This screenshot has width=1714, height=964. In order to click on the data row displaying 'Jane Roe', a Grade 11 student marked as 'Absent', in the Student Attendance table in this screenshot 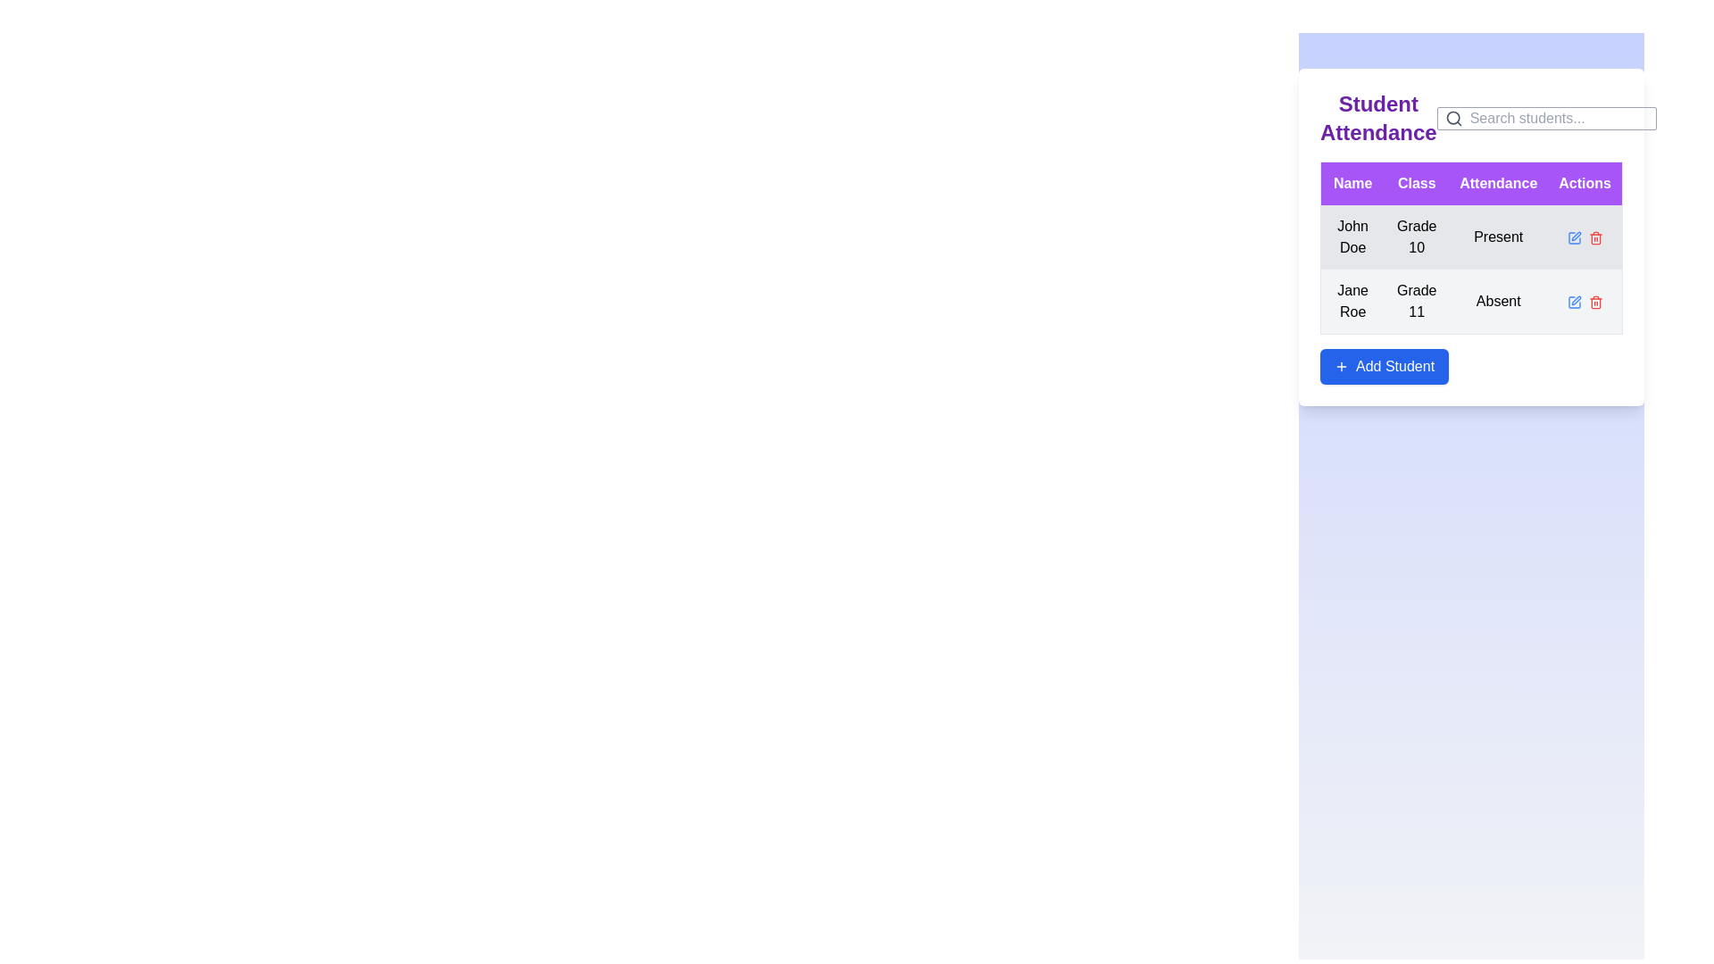, I will do `click(1471, 301)`.